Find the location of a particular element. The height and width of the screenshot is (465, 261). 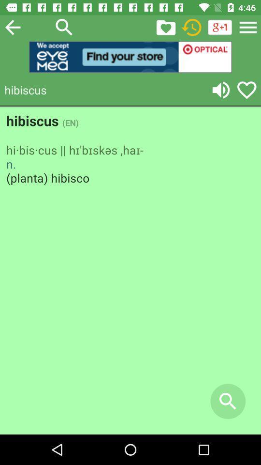

explore the advertisement is located at coordinates (130, 57).